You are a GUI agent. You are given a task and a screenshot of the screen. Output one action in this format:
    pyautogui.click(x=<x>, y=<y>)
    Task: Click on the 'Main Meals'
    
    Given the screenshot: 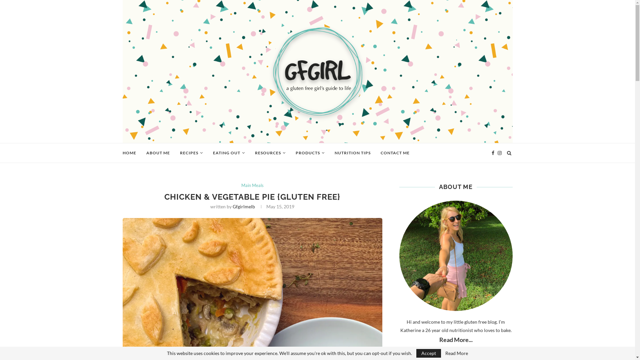 What is the action you would take?
    pyautogui.click(x=252, y=185)
    